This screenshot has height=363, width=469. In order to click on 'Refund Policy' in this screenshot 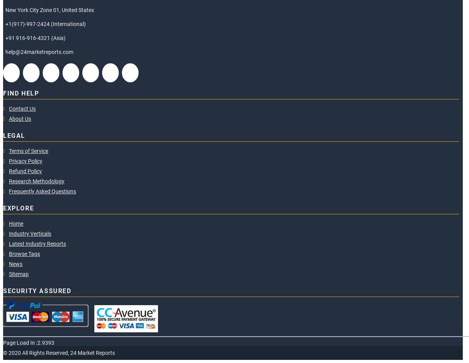, I will do `click(8, 171)`.